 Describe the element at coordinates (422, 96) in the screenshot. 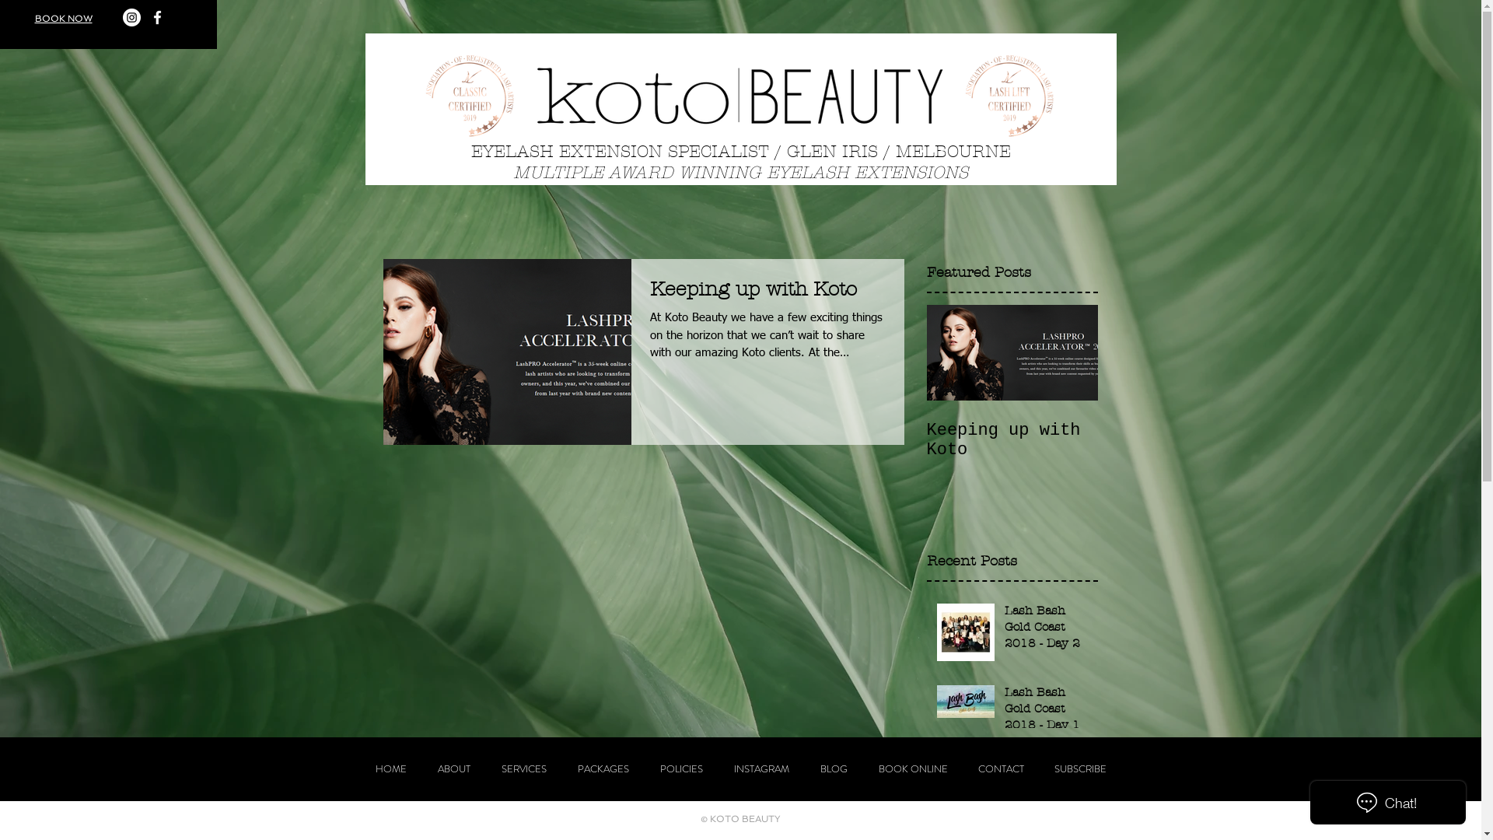

I see `'47386188_784470305222700_842897523797393'` at that location.